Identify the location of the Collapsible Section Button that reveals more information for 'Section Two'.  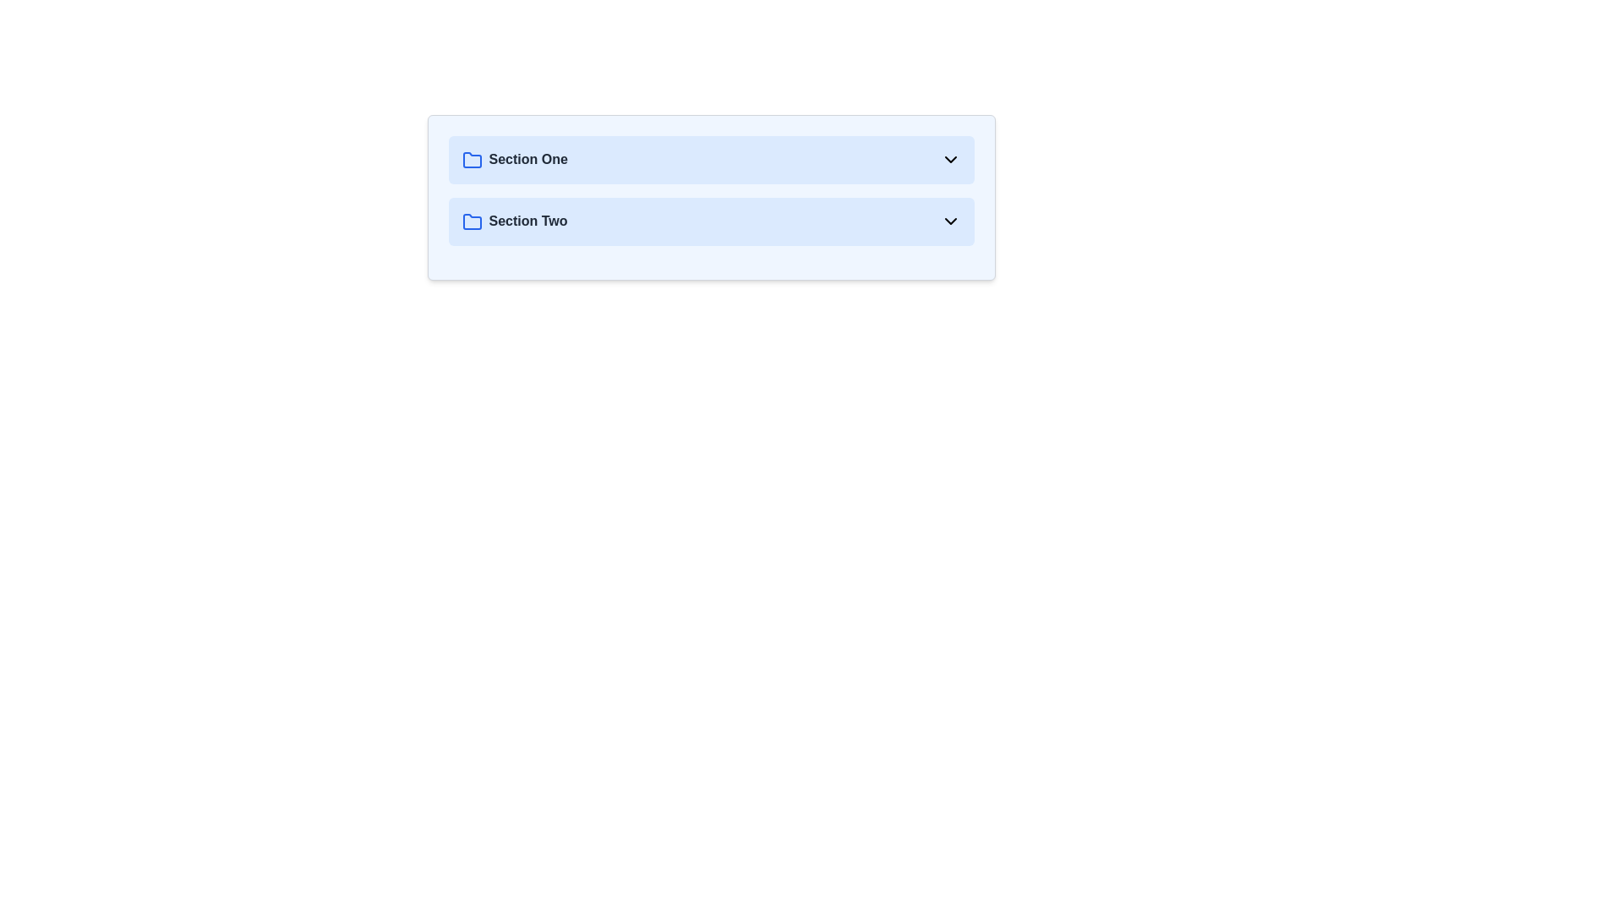
(711, 221).